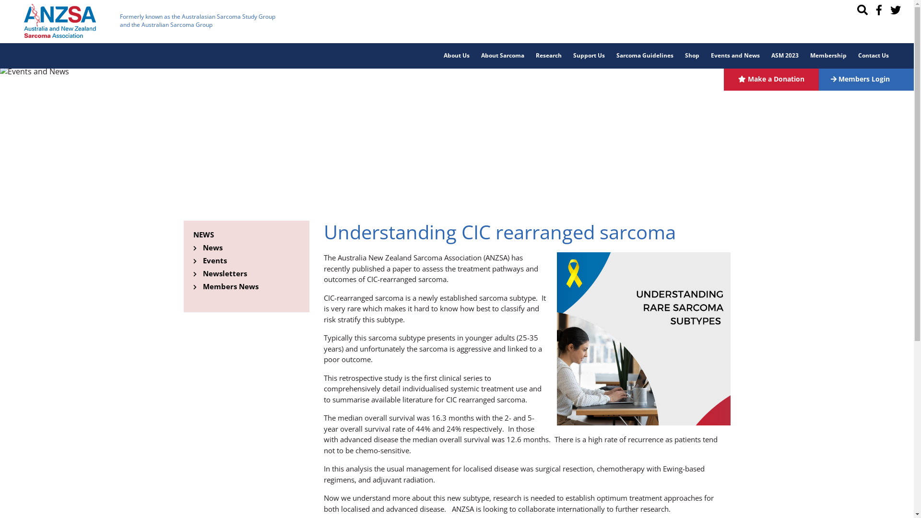 The height and width of the screenshot is (518, 921). I want to click on 'News', so click(212, 247).